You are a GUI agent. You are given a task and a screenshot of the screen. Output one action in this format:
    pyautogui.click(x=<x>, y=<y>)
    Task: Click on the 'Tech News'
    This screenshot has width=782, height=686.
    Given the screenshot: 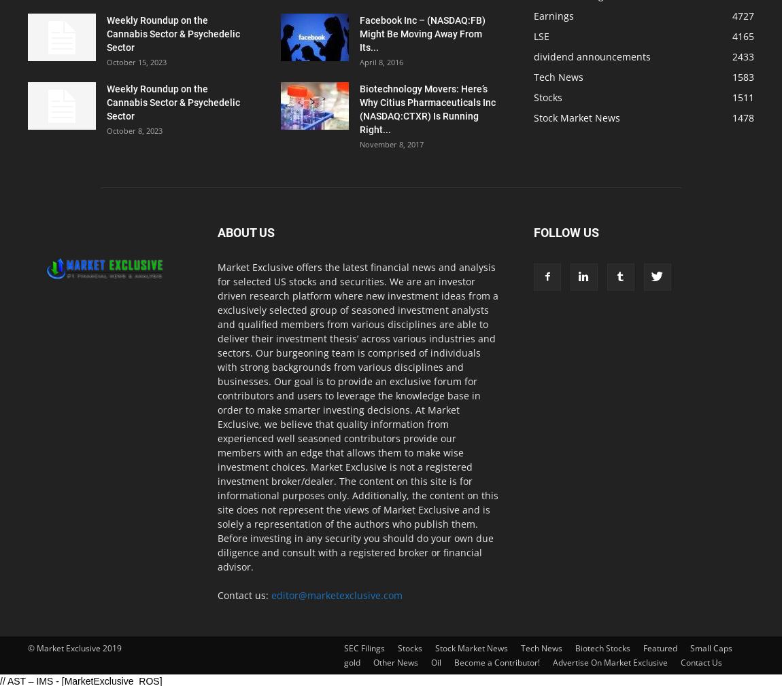 What is the action you would take?
    pyautogui.click(x=558, y=76)
    